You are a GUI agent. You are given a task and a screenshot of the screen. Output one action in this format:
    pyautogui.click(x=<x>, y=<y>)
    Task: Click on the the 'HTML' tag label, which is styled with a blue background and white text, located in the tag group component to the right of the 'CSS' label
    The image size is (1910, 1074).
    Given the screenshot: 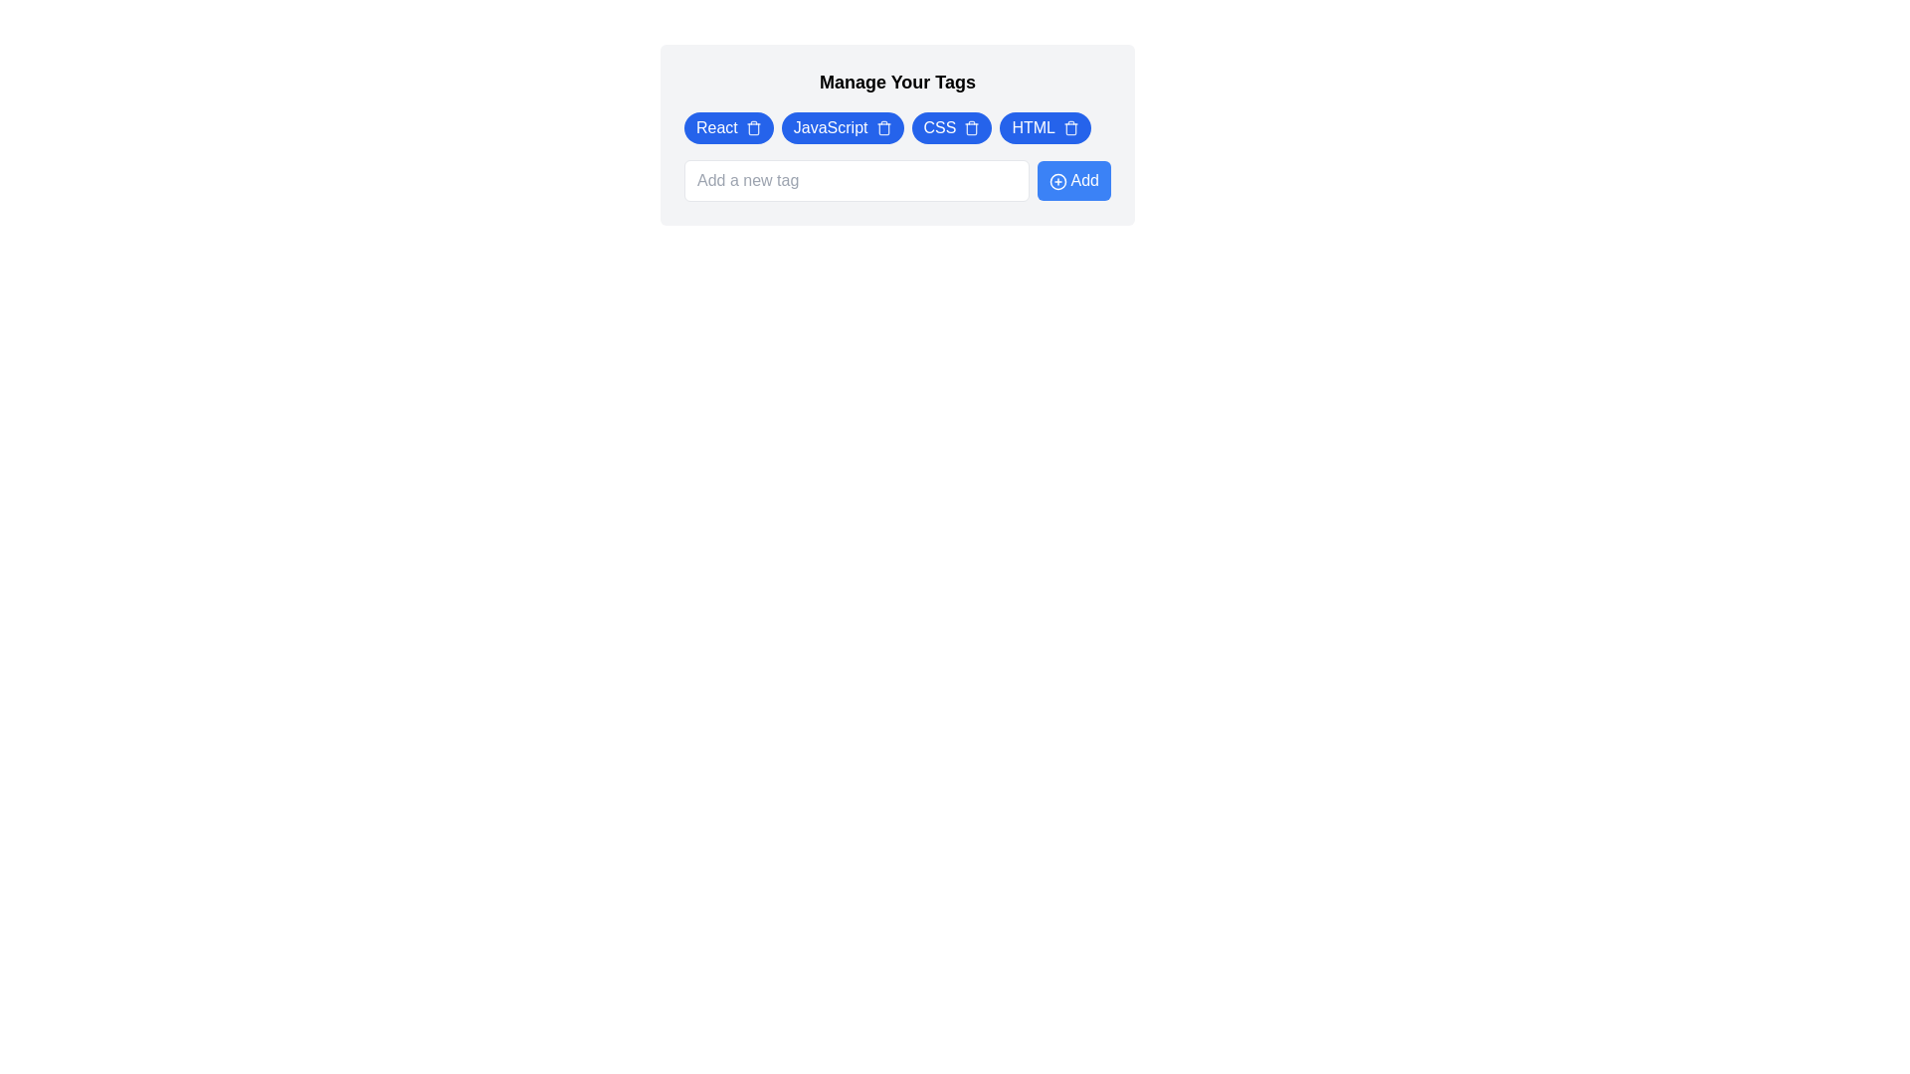 What is the action you would take?
    pyautogui.click(x=1034, y=127)
    